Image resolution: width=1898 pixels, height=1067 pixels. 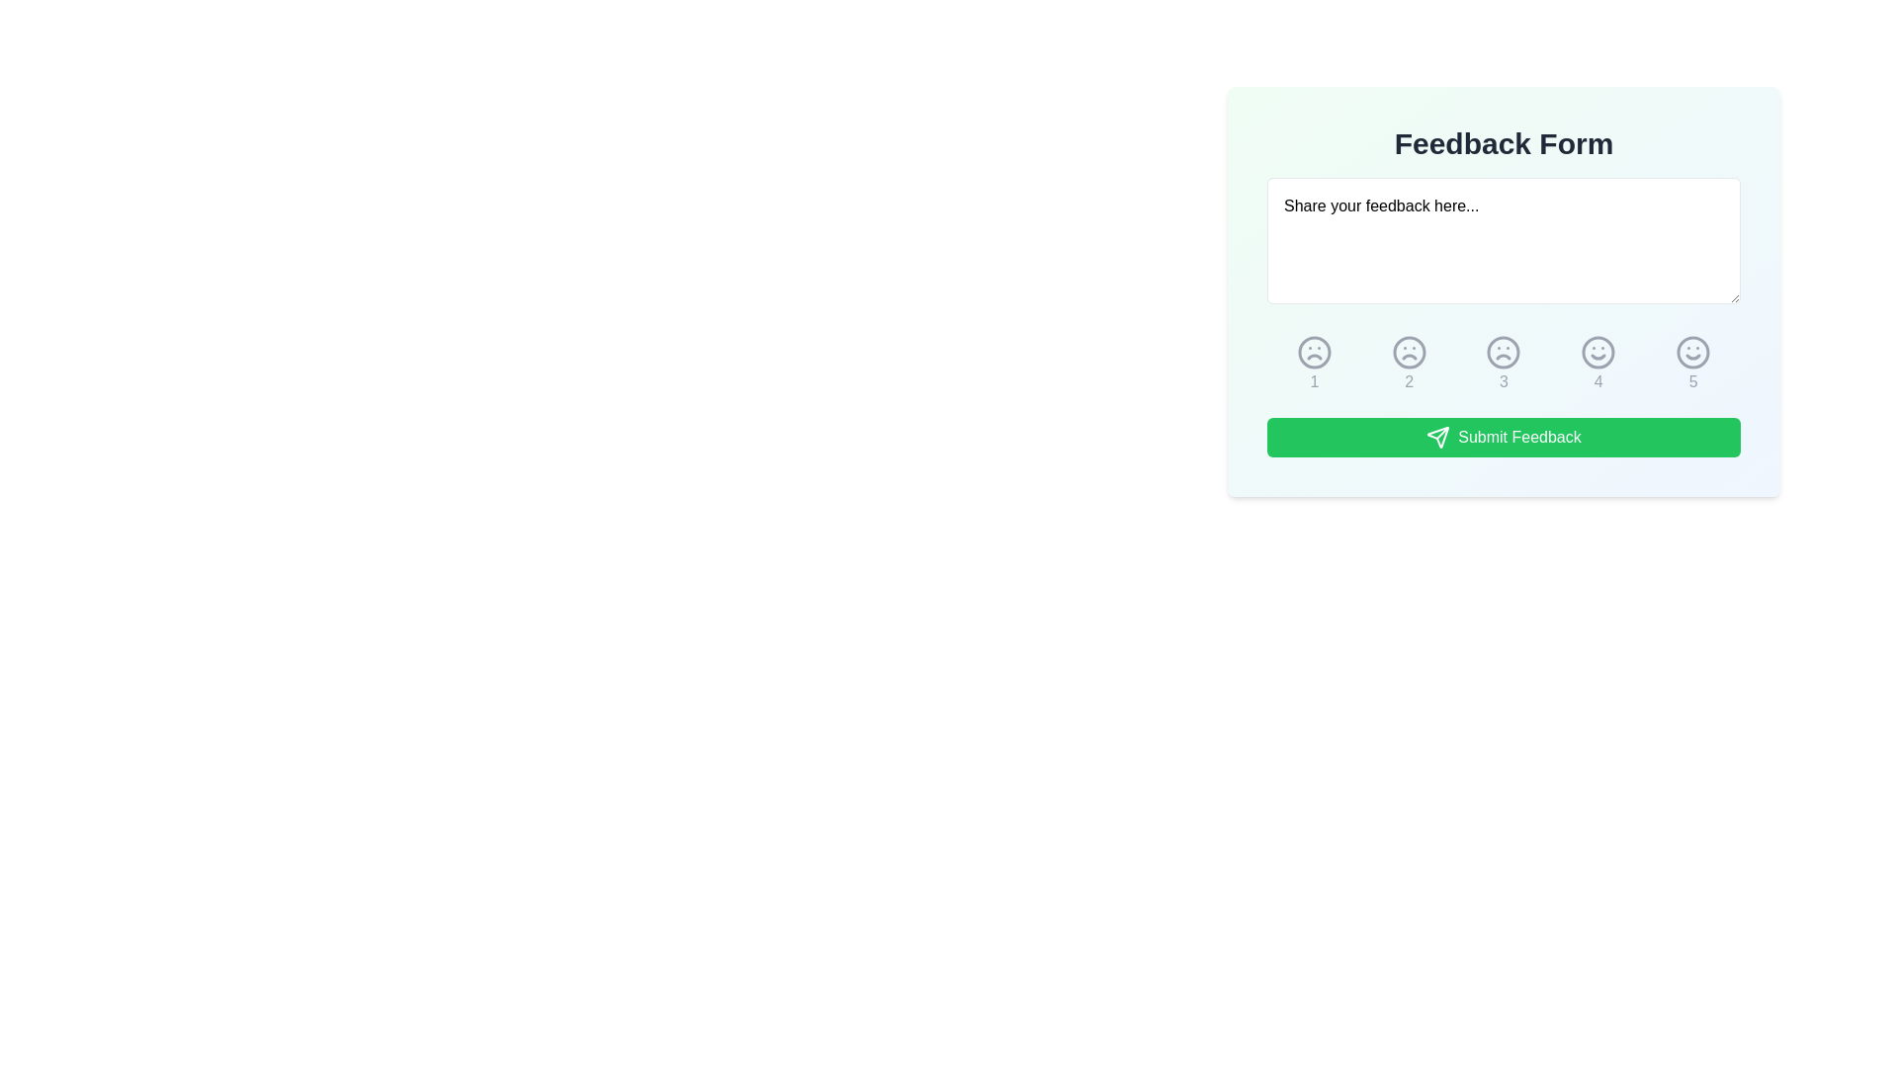 I want to click on the SVG Circle Element that represents the third option in the row of frowning face icons, which serves as a graphical representation of feedback, so click(x=1503, y=352).